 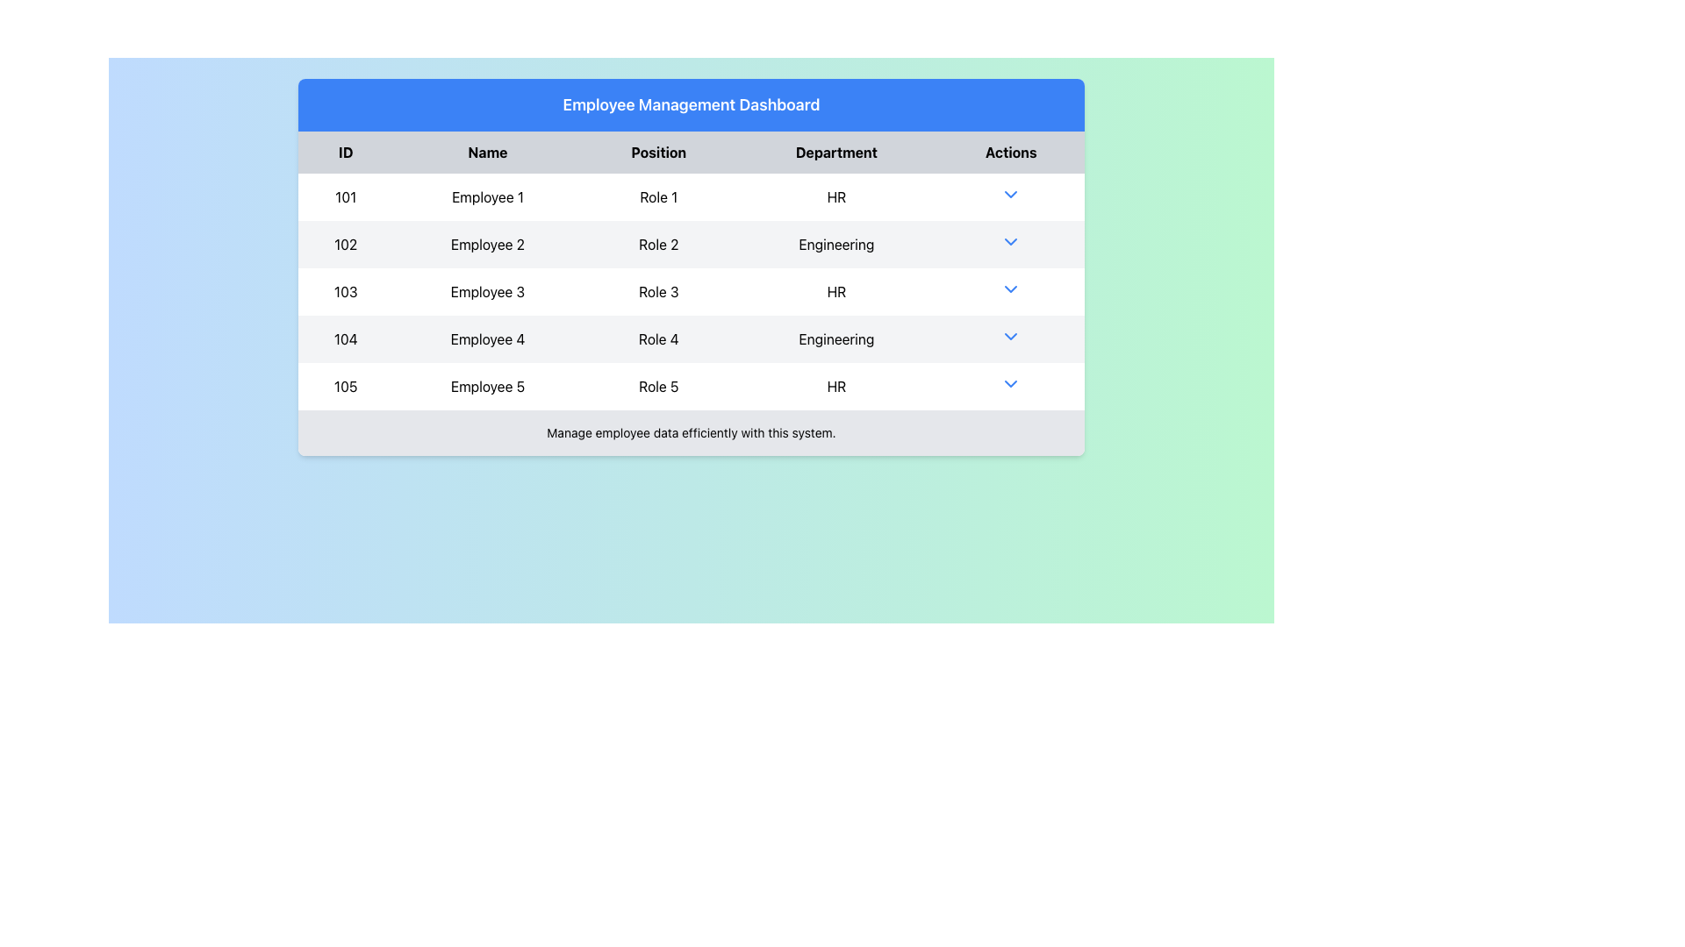 I want to click on the 'Name' column header in the table, which is the second header following 'ID' and preceding 'Position', so click(x=488, y=151).